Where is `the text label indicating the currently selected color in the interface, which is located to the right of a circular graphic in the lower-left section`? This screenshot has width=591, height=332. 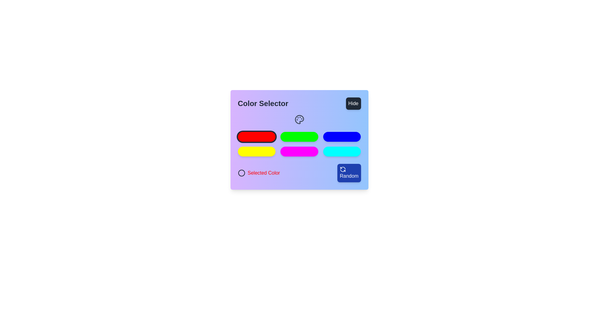
the text label indicating the currently selected color in the interface, which is located to the right of a circular graphic in the lower-left section is located at coordinates (263, 173).